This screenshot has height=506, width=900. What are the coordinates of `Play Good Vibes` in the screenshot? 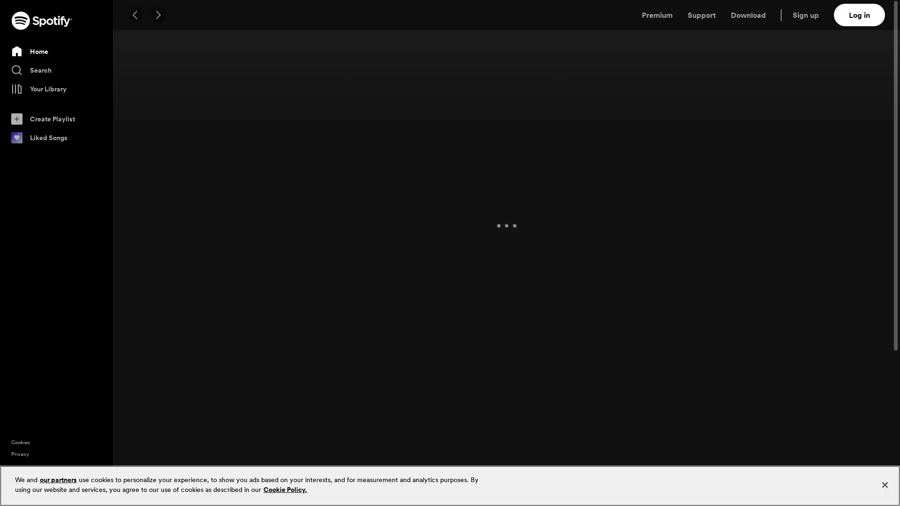 It's located at (766, 471).